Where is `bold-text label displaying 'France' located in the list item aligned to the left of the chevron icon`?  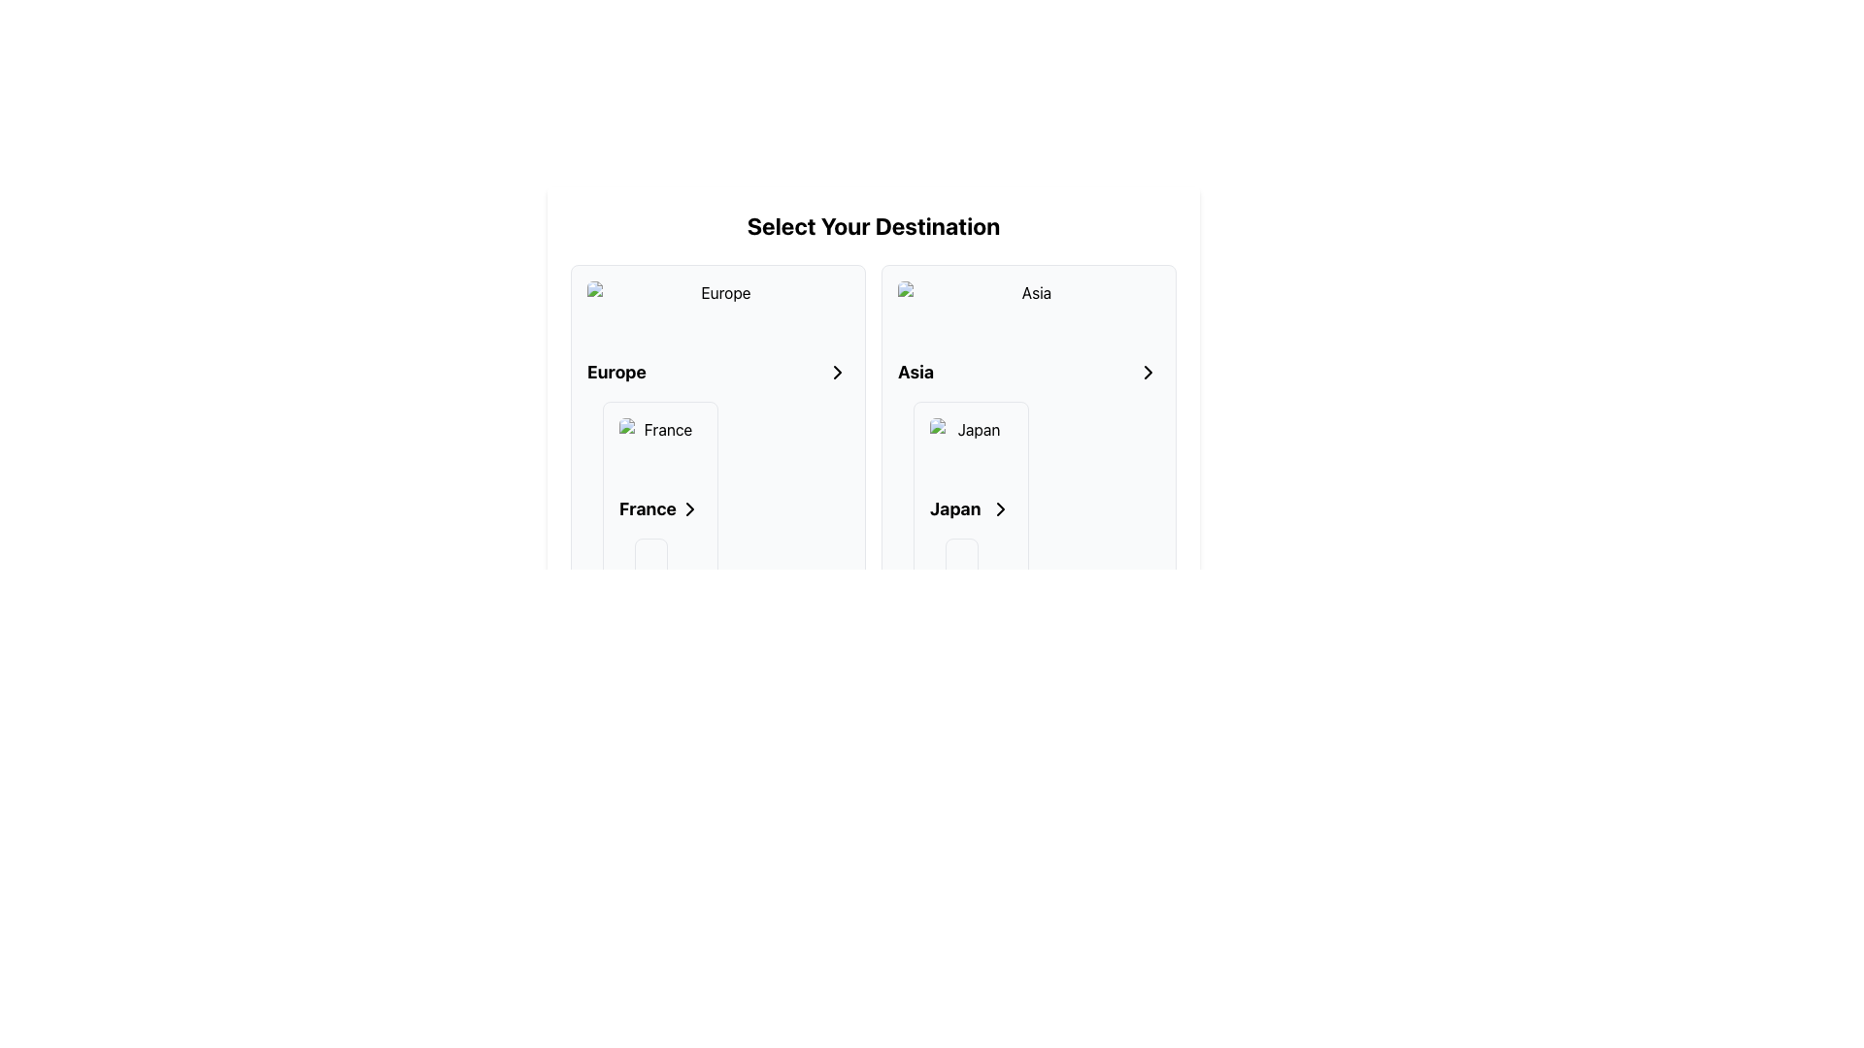
bold-text label displaying 'France' located in the list item aligned to the left of the chevron icon is located at coordinates (648, 508).